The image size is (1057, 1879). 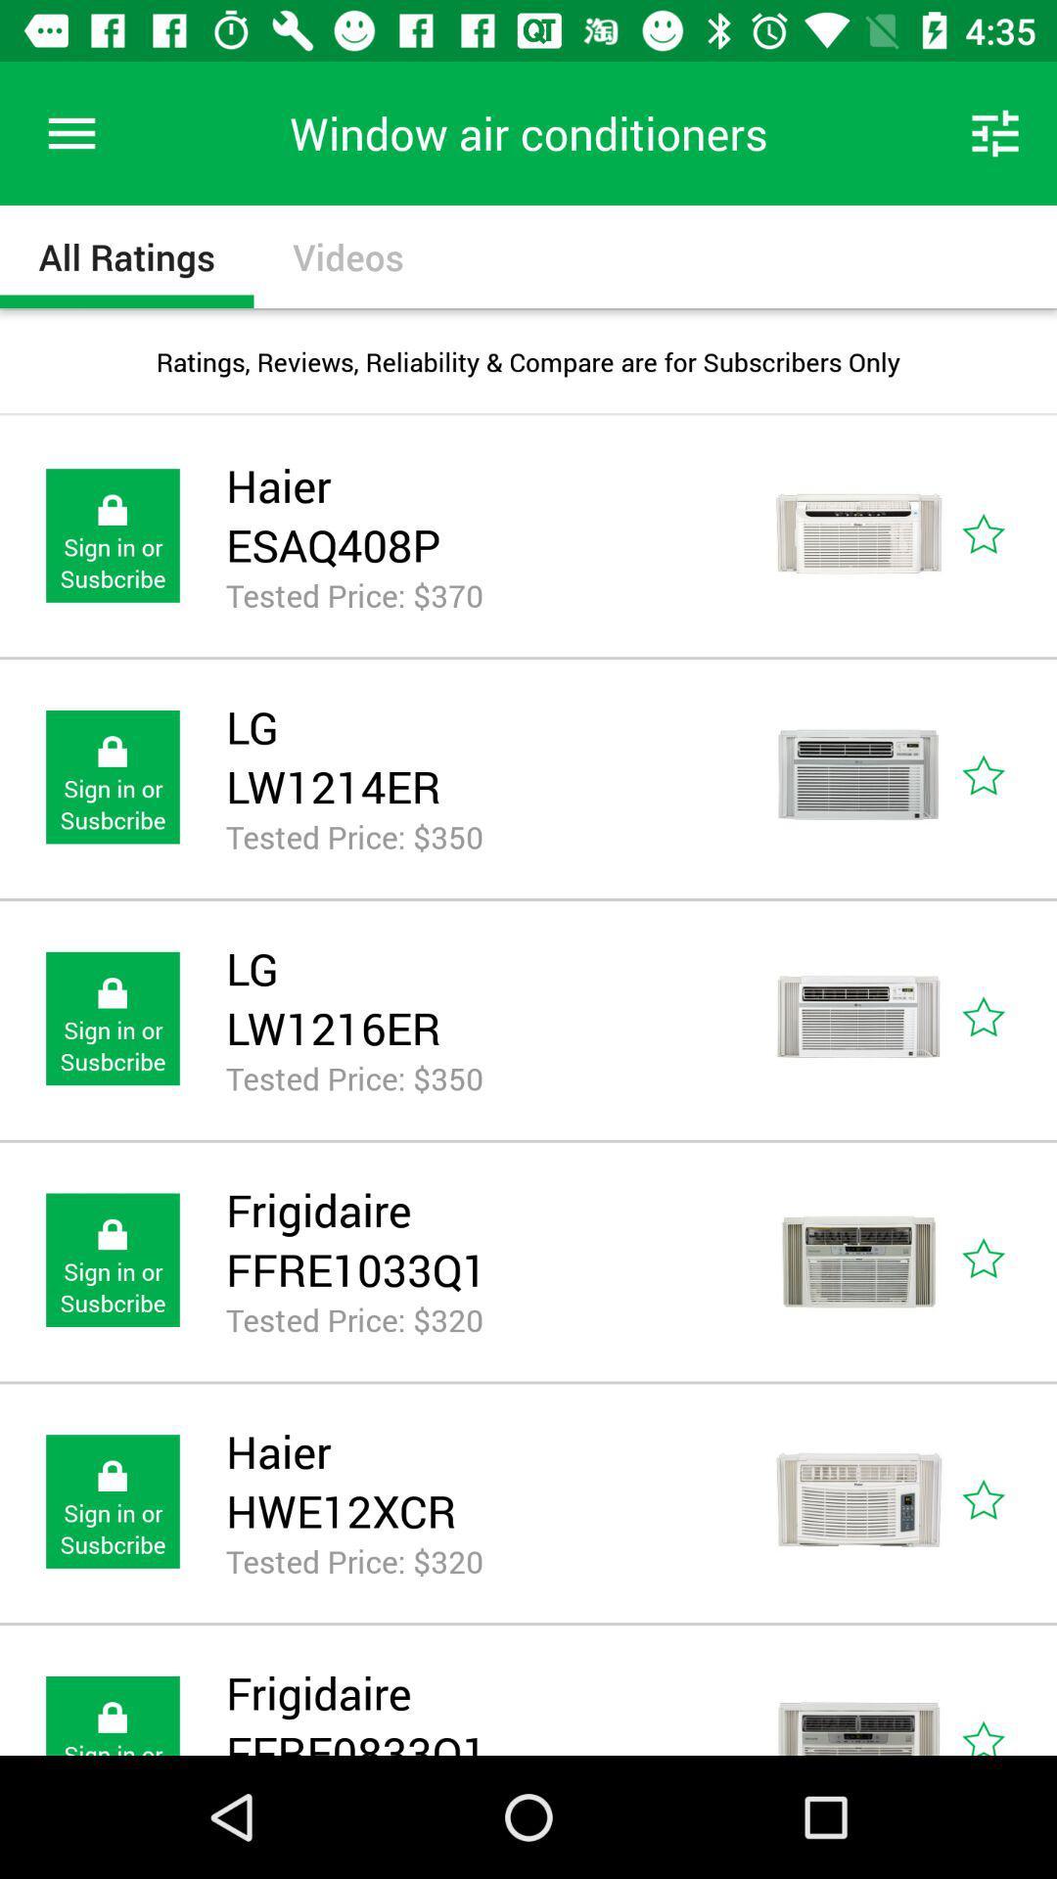 What do you see at coordinates (70, 132) in the screenshot?
I see `item next to the window air conditioners icon` at bounding box center [70, 132].